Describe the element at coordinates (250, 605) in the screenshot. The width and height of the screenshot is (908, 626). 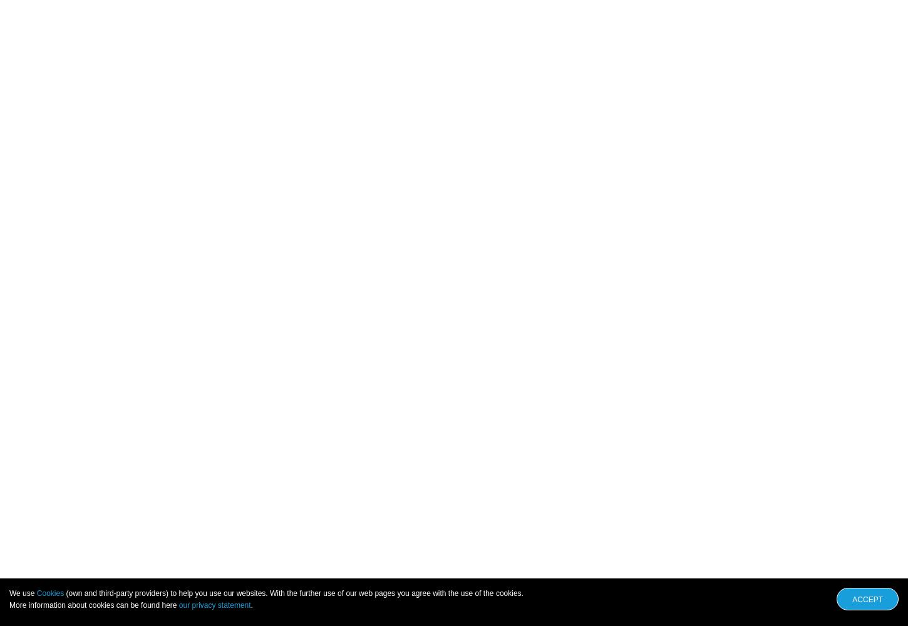
I see `'.'` at that location.